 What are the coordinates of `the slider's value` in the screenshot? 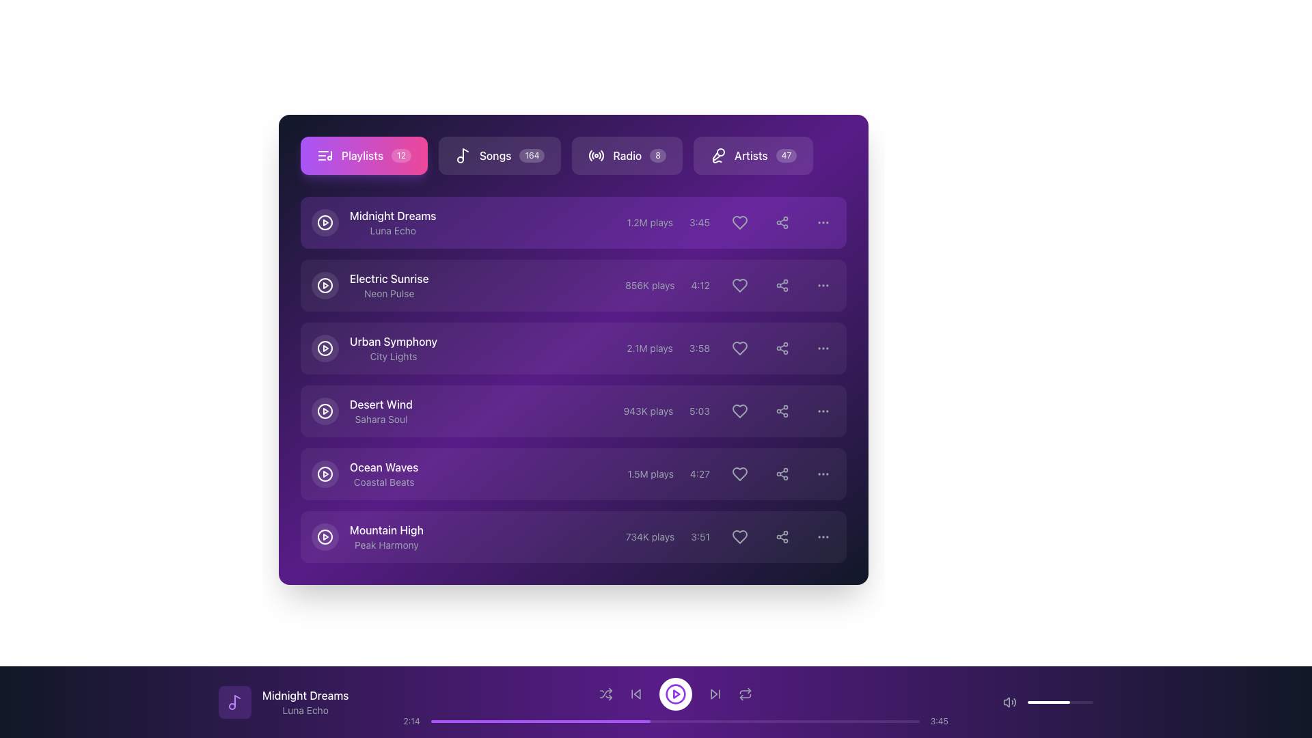 It's located at (1078, 702).